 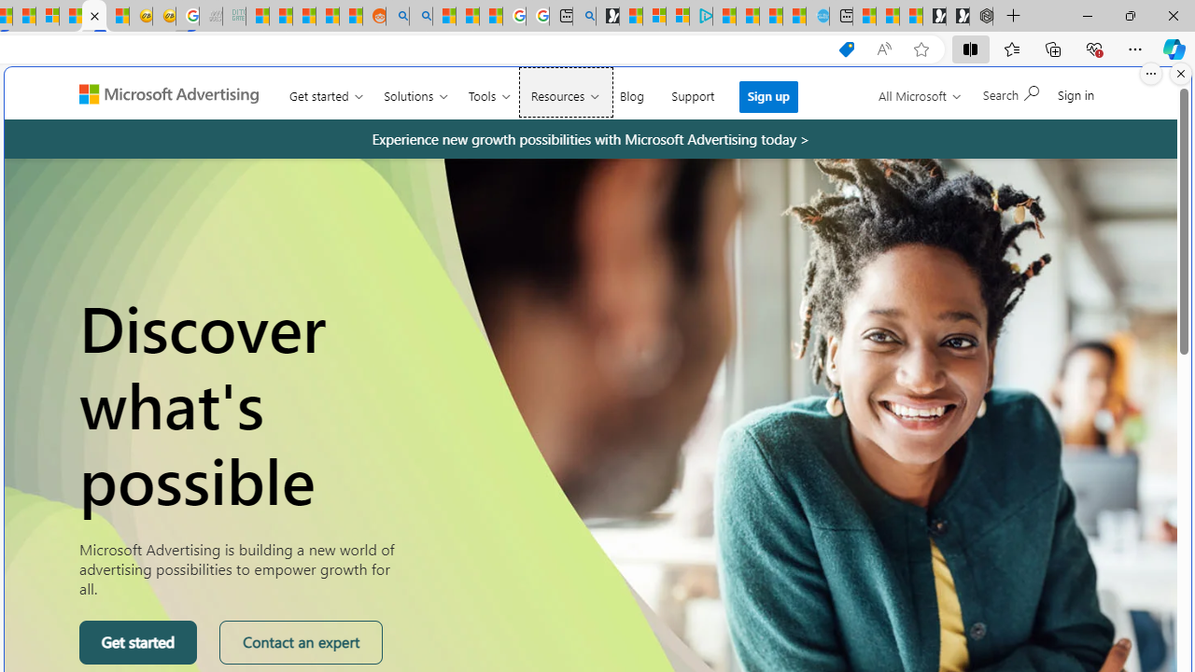 I want to click on 'Sign up', so click(x=768, y=96).